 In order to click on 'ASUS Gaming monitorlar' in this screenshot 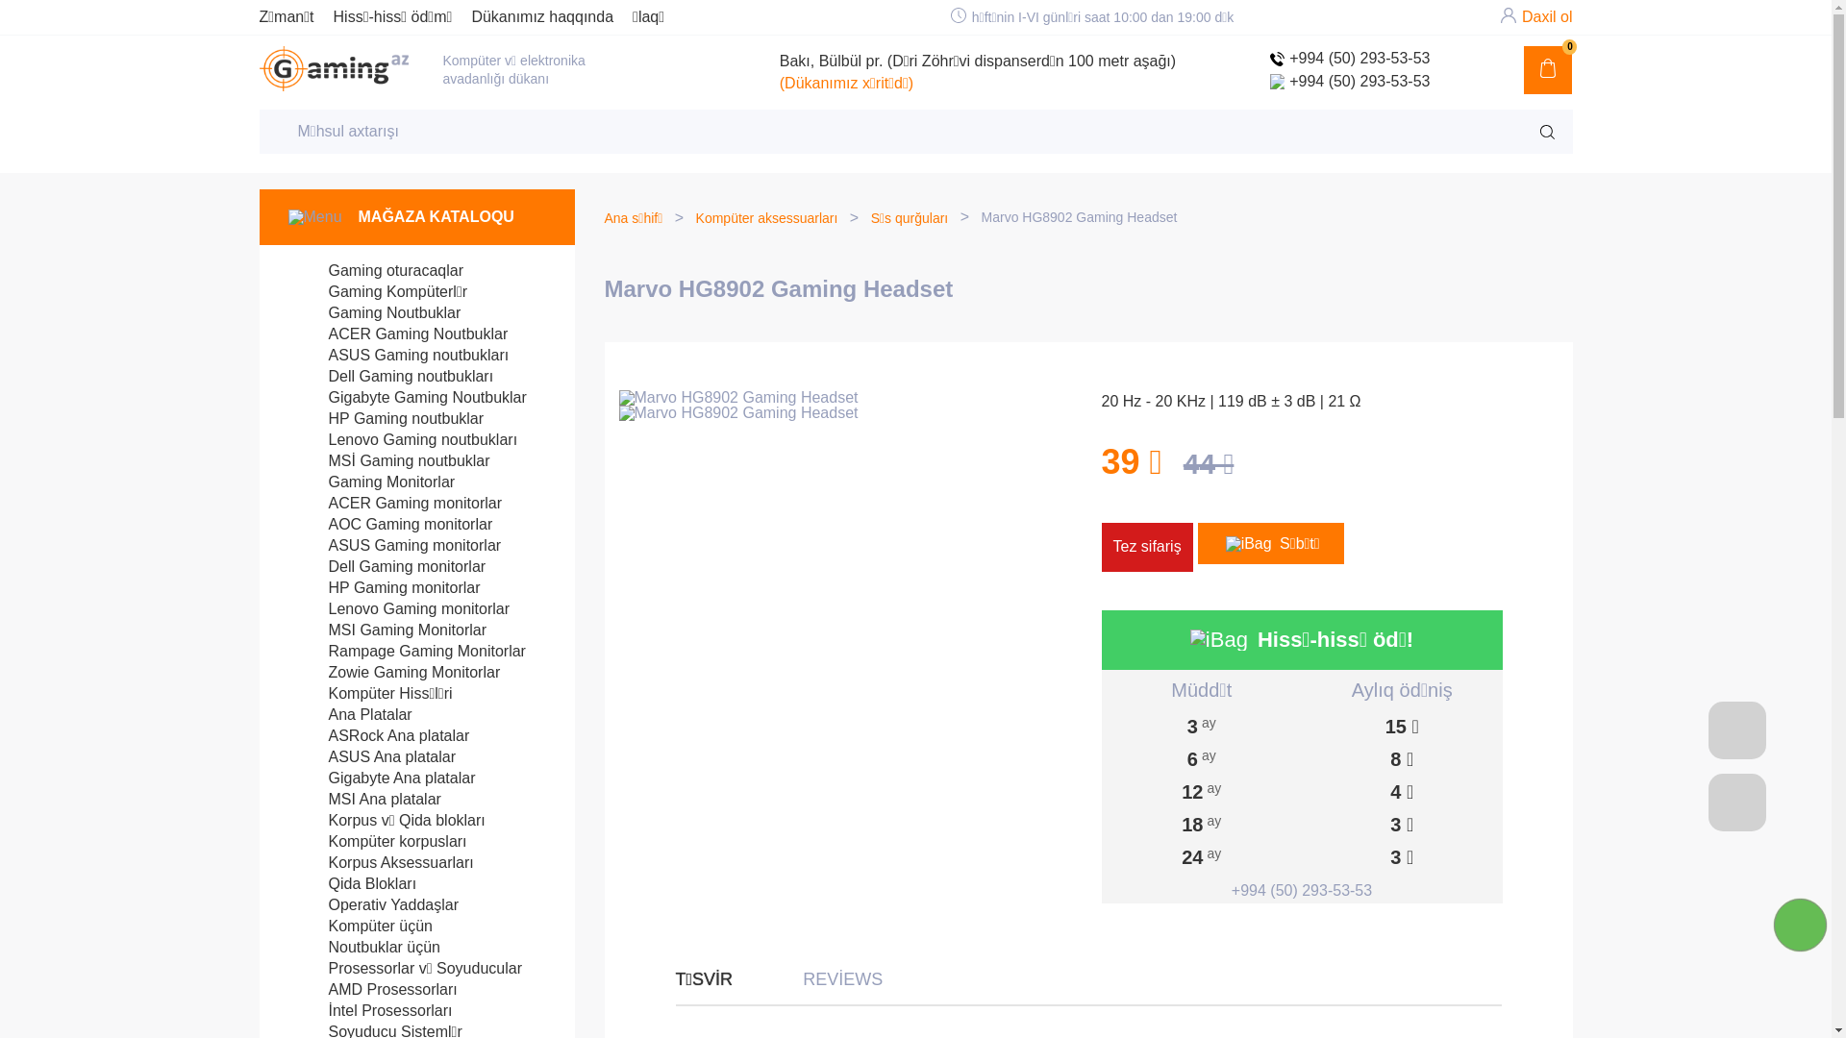, I will do `click(394, 545)`.